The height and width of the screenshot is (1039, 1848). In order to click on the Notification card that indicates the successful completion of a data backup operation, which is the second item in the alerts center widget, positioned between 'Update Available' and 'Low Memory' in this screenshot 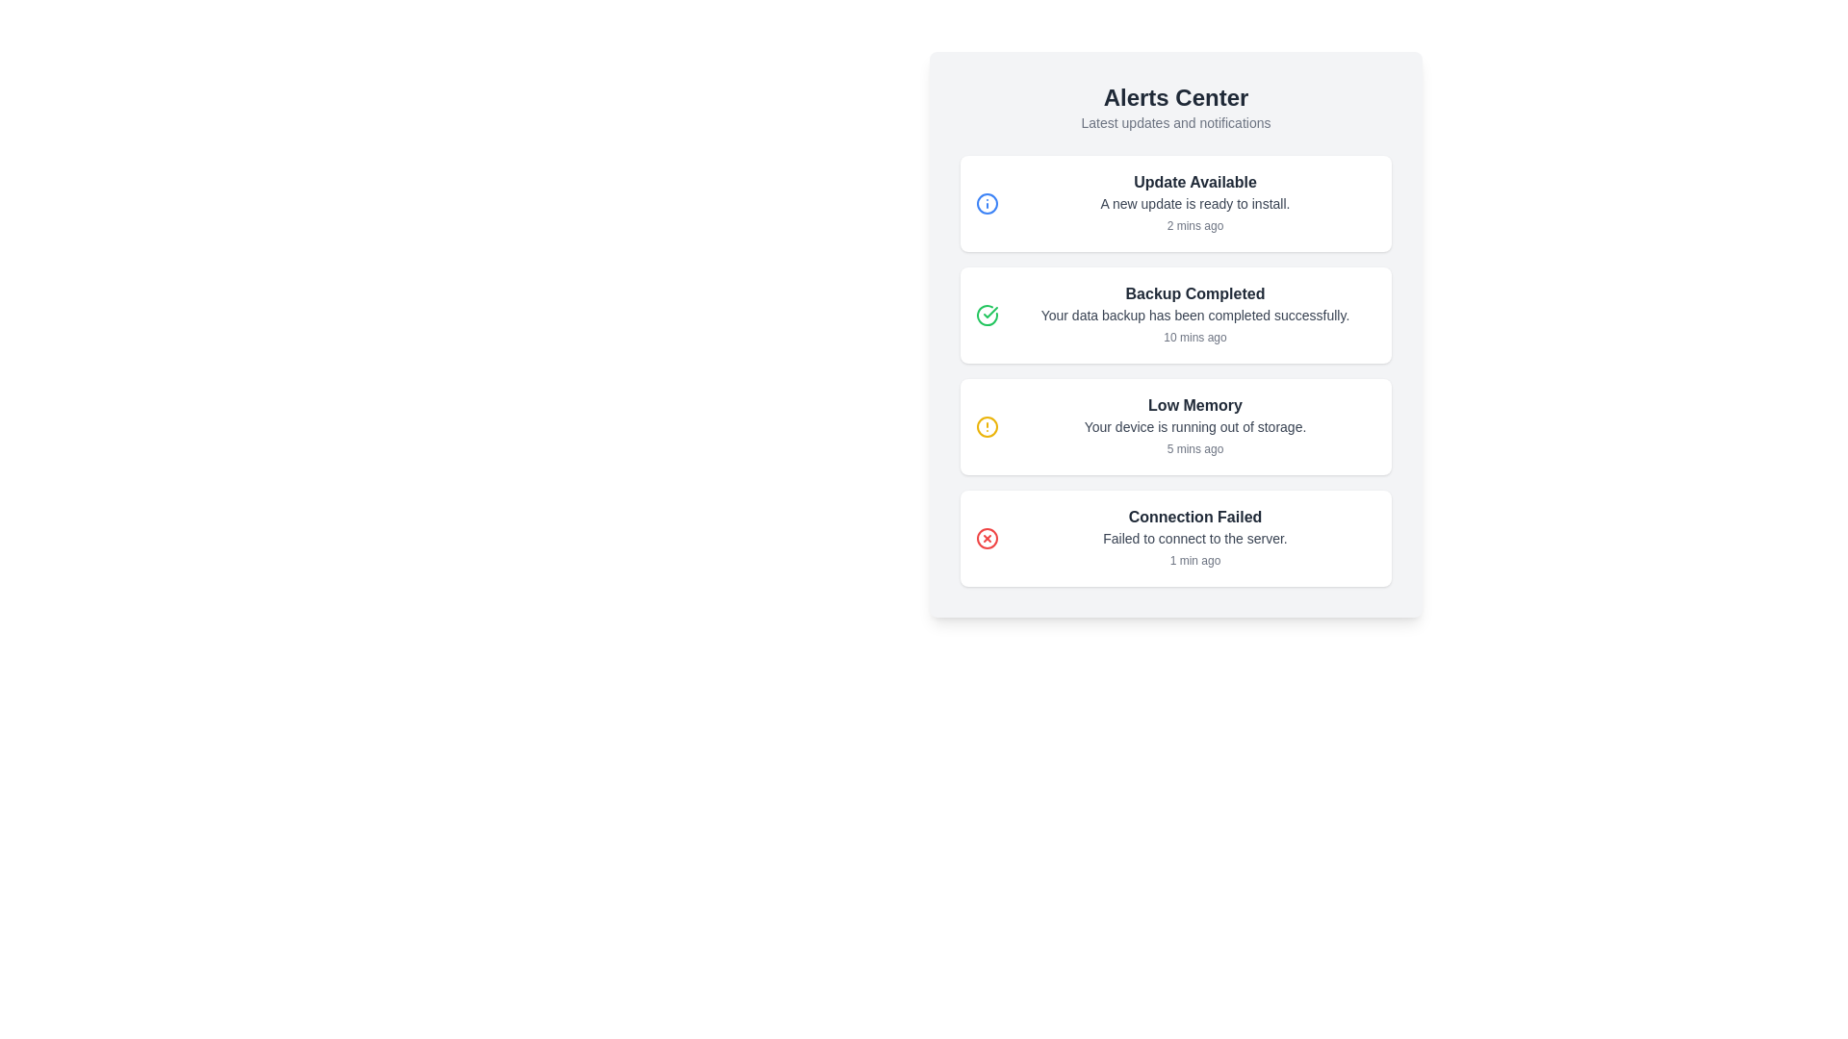, I will do `click(1175, 314)`.